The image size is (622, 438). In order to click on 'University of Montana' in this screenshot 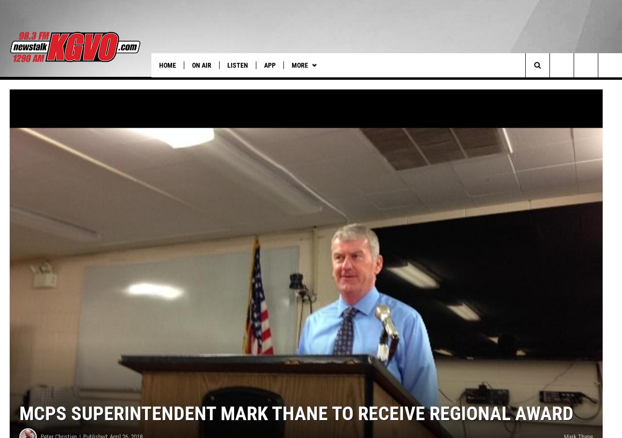, I will do `click(385, 85)`.